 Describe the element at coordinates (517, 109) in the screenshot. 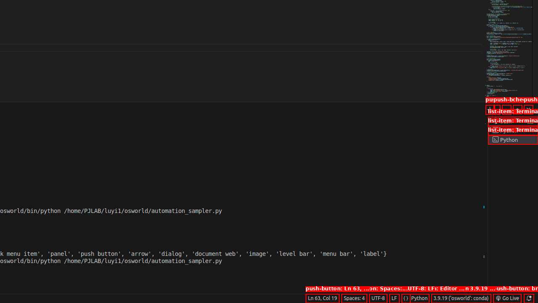

I see `'Maximize Panel Size'` at that location.